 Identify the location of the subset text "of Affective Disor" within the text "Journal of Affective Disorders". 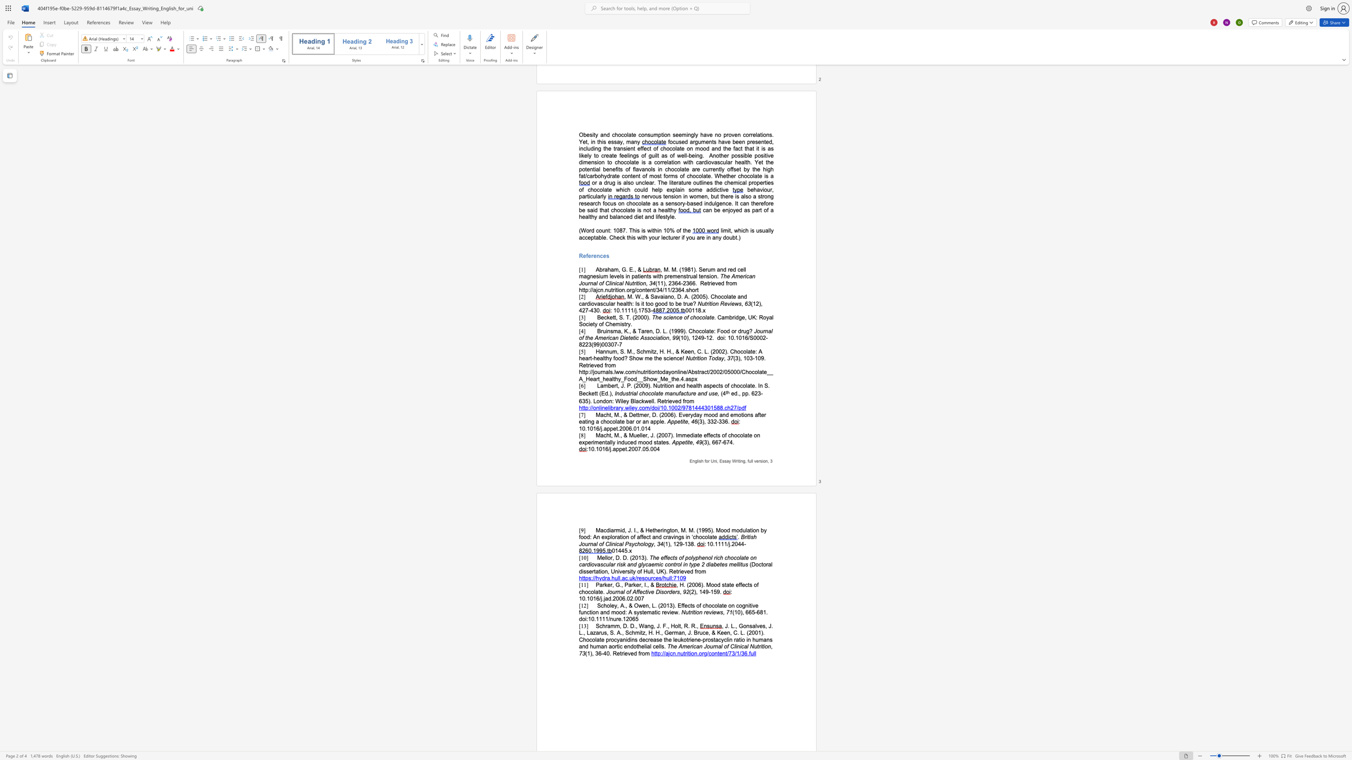
(626, 592).